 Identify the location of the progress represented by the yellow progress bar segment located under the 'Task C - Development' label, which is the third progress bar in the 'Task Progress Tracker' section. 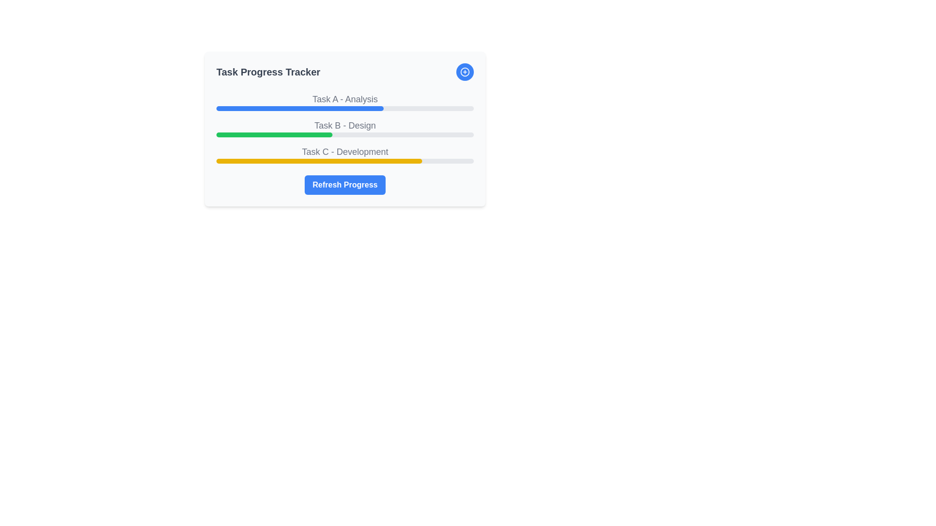
(319, 161).